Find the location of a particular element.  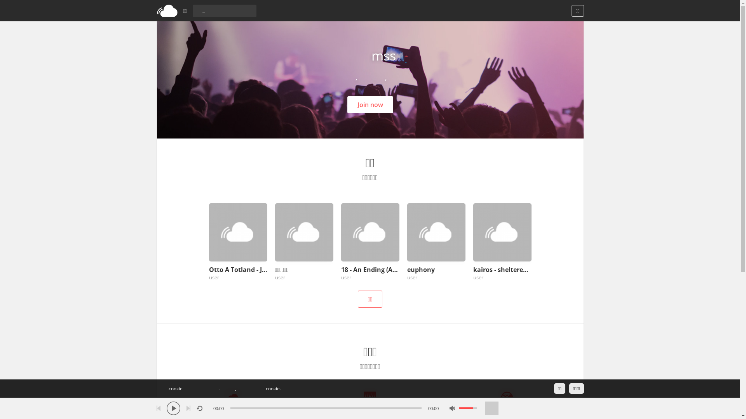

'user' is located at coordinates (341, 277).